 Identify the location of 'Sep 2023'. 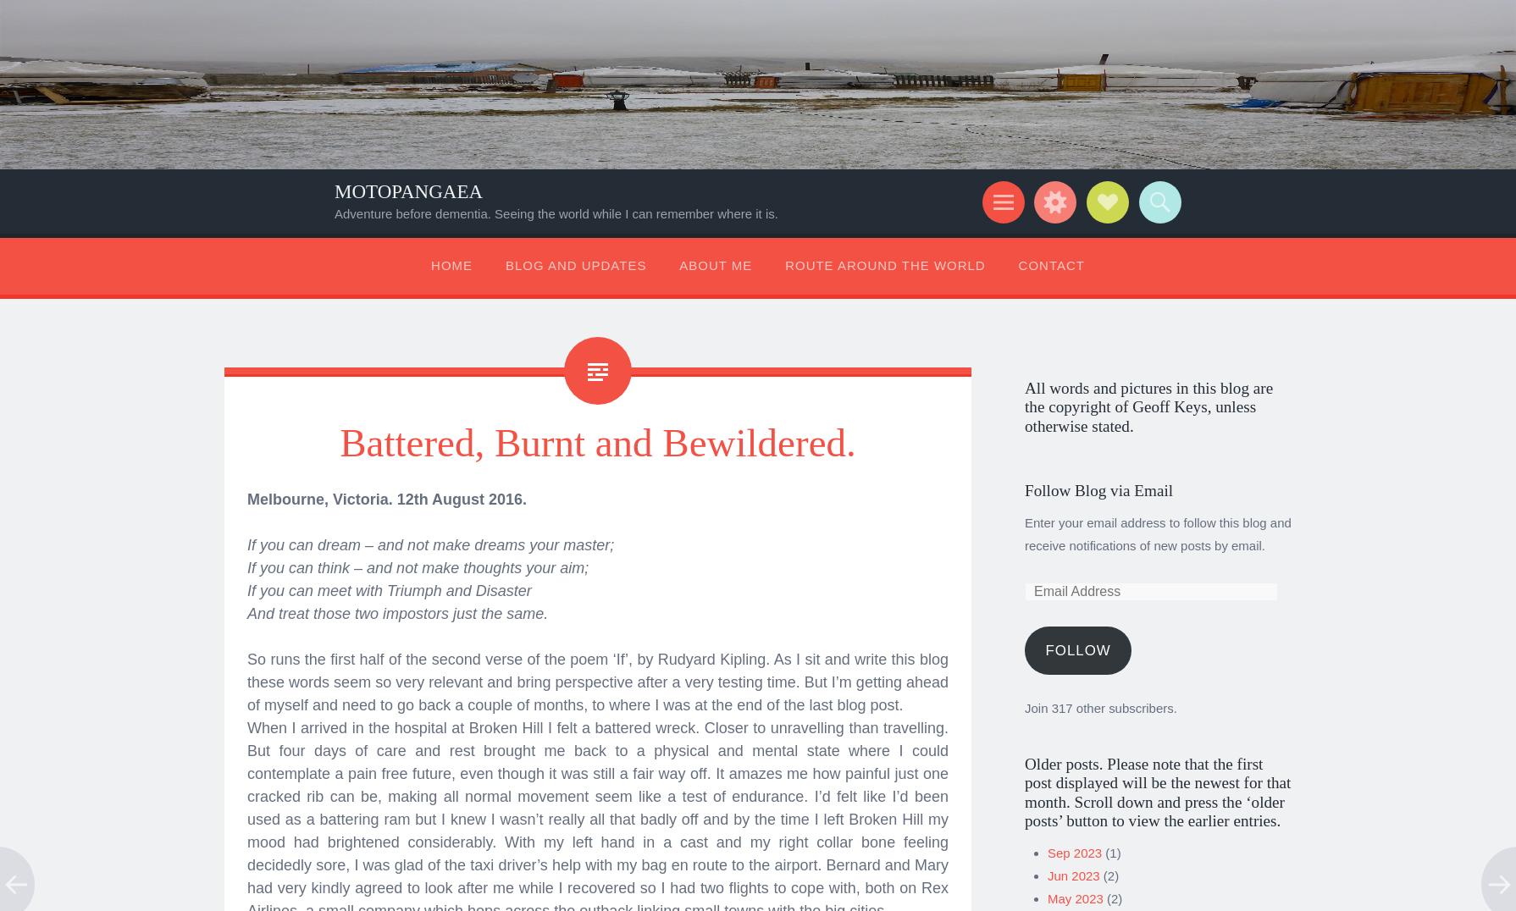
(1074, 846).